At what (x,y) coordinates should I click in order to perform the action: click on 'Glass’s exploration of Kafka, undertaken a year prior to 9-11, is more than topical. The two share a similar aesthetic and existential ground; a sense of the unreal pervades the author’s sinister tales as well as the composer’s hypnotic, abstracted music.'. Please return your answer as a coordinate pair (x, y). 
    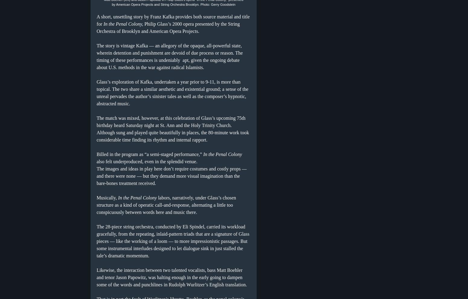
    Looking at the image, I should click on (172, 92).